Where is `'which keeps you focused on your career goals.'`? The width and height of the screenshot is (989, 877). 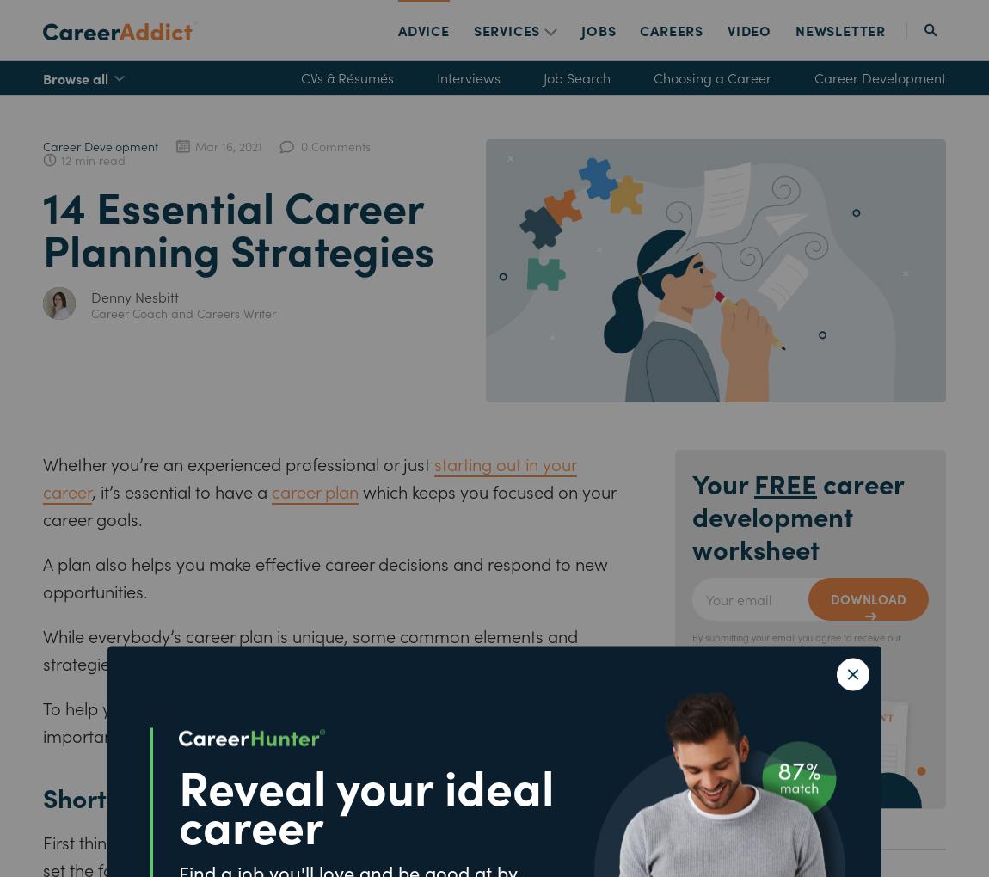
'which keeps you focused on your career goals.' is located at coordinates (329, 505).